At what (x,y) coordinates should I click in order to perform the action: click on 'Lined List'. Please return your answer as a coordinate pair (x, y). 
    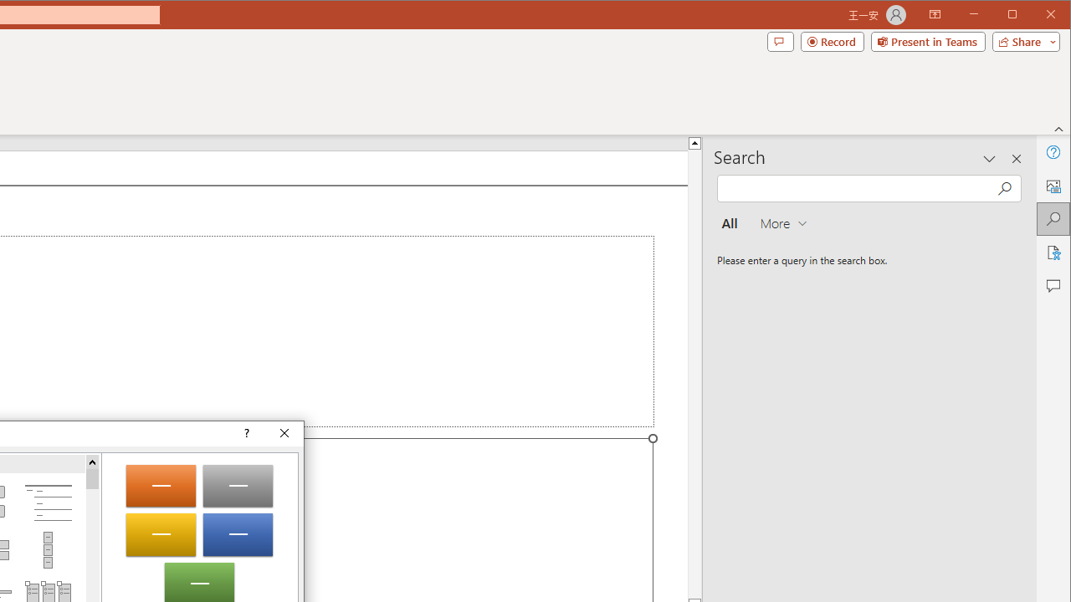
    Looking at the image, I should click on (48, 502).